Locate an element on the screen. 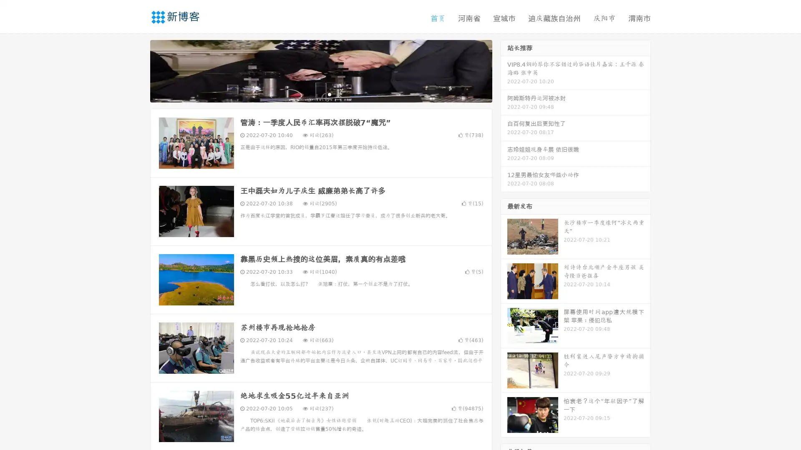  Go to slide 1 is located at coordinates (312, 94).